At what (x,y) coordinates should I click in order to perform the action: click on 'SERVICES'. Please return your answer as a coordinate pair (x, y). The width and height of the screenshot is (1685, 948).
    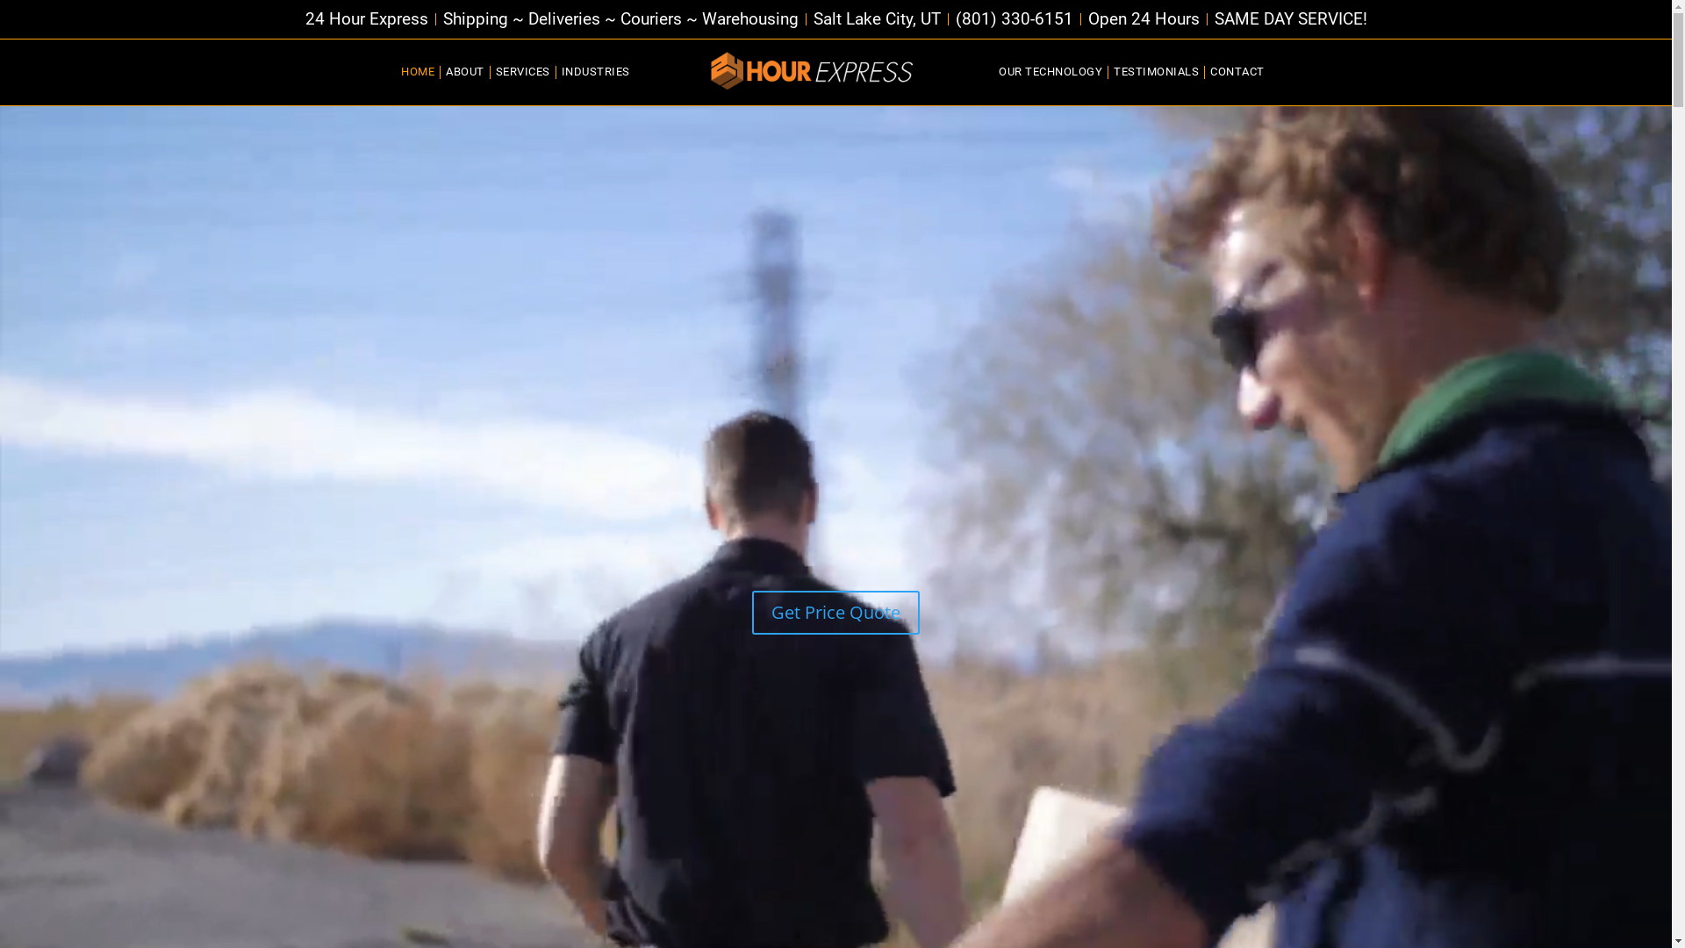
    Looking at the image, I should click on (521, 70).